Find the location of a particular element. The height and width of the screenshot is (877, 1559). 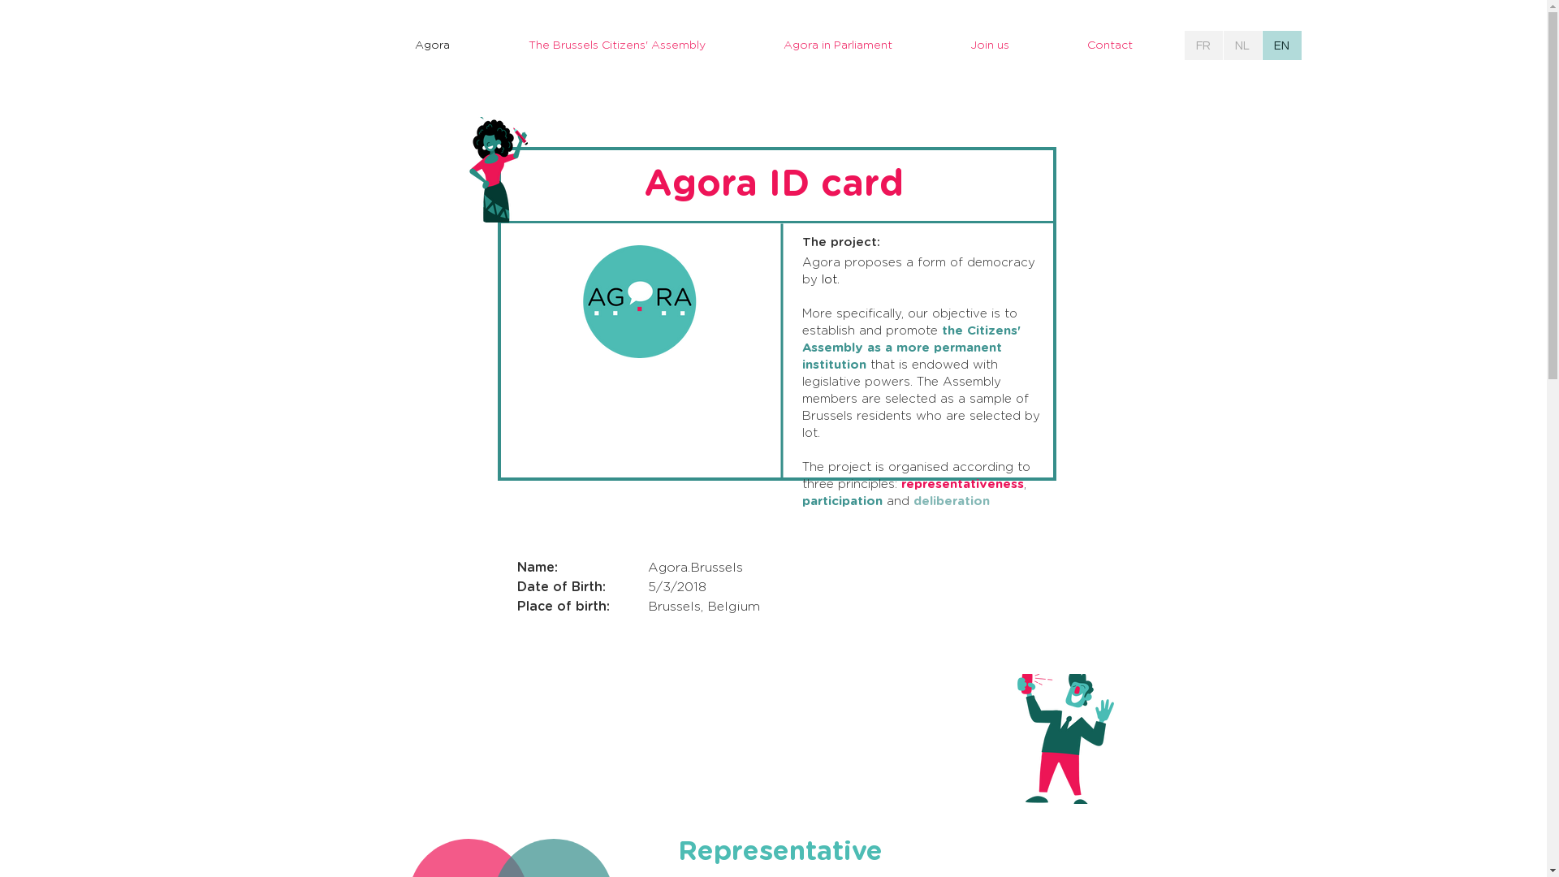

'Agora in Parliament' is located at coordinates (837, 45).